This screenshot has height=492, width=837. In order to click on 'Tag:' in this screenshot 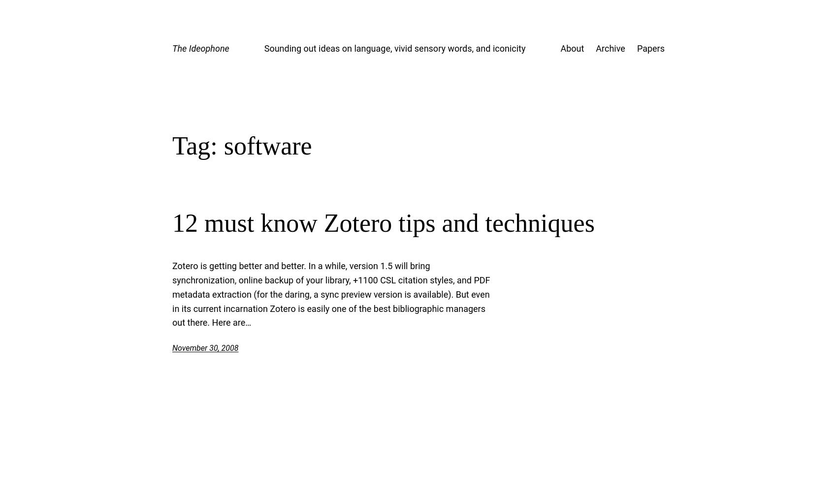, I will do `click(172, 145)`.